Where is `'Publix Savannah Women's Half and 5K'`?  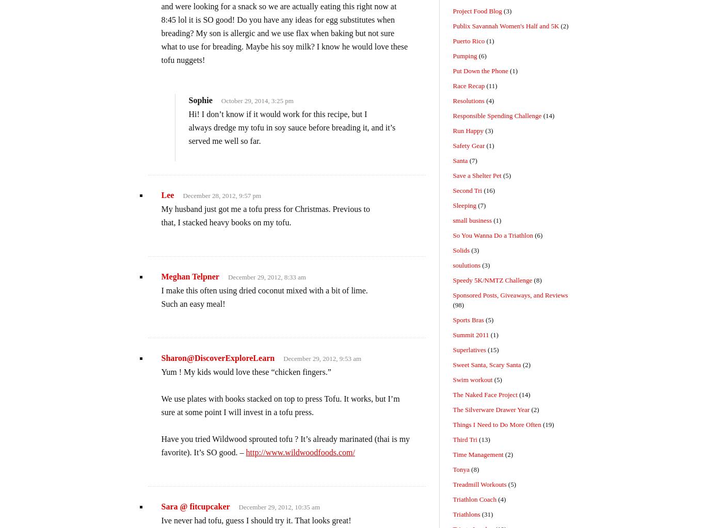 'Publix Savannah Women's Half and 5K' is located at coordinates (505, 25).